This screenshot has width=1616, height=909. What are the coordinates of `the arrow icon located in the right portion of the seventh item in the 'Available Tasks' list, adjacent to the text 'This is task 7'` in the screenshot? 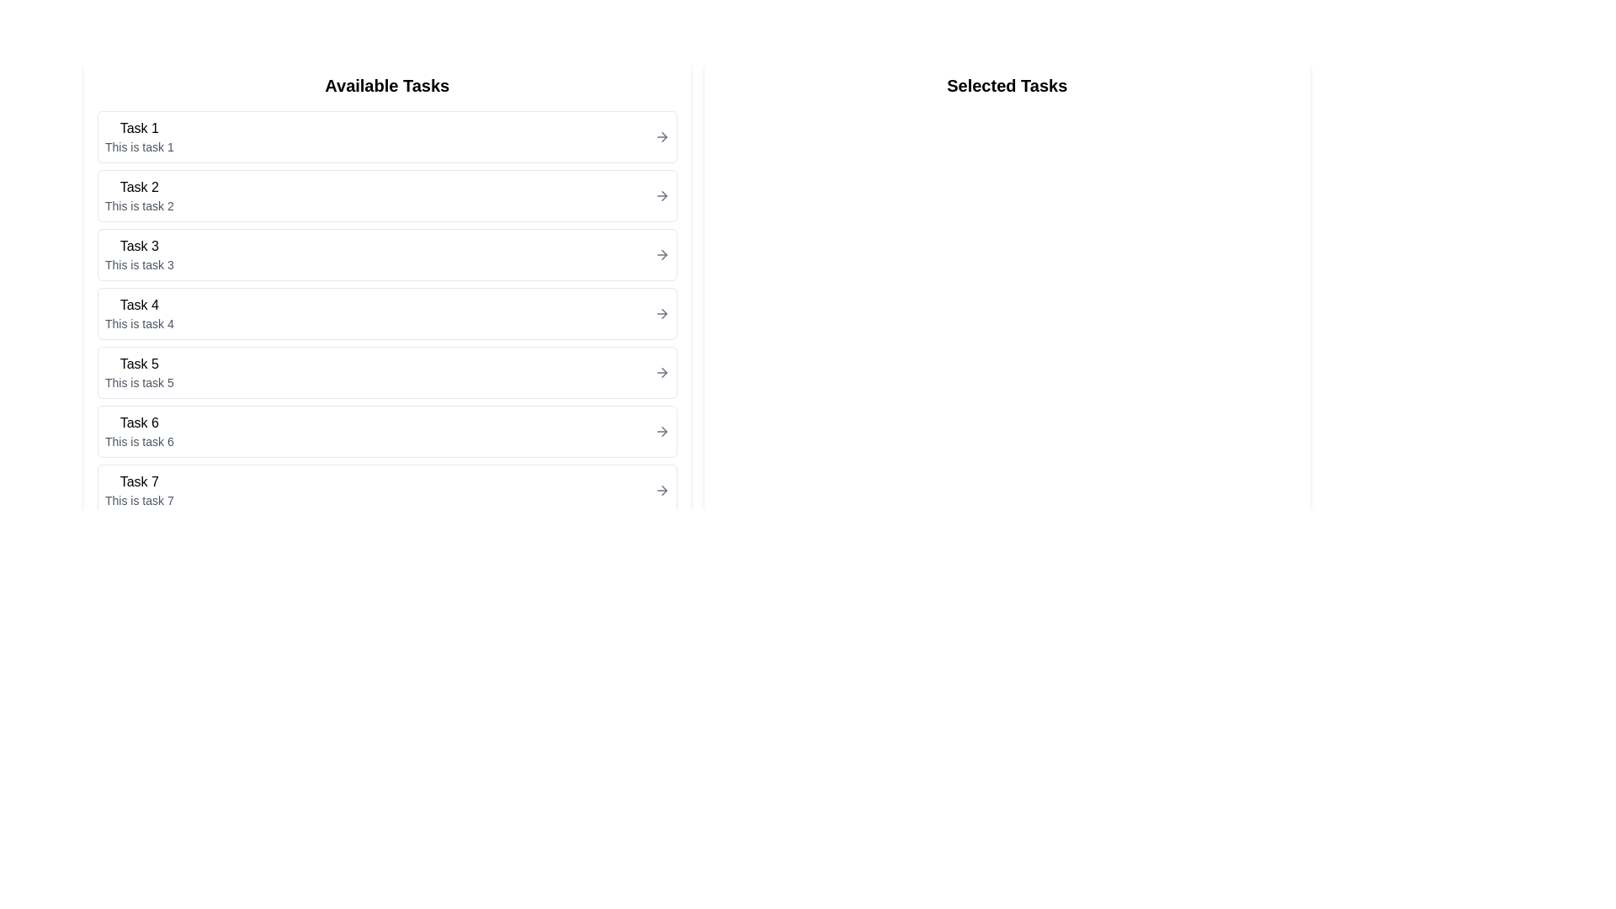 It's located at (663, 490).